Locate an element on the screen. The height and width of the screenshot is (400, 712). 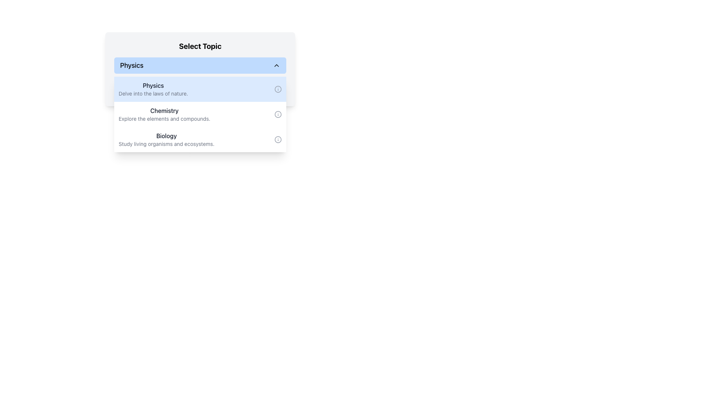
the 'Biology' selectable list item, which is the third option is located at coordinates (200, 140).